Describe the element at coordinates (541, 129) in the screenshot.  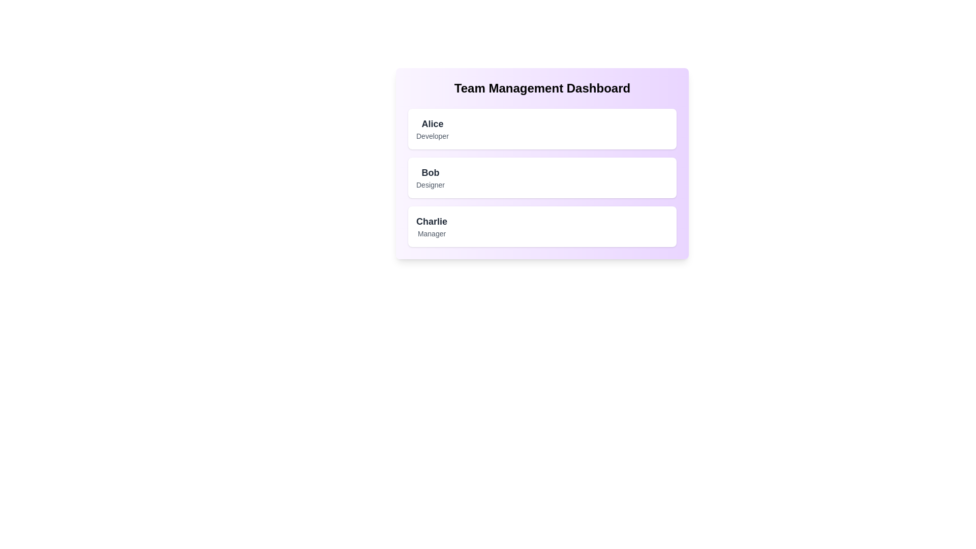
I see `the details of the team member Alice` at that location.